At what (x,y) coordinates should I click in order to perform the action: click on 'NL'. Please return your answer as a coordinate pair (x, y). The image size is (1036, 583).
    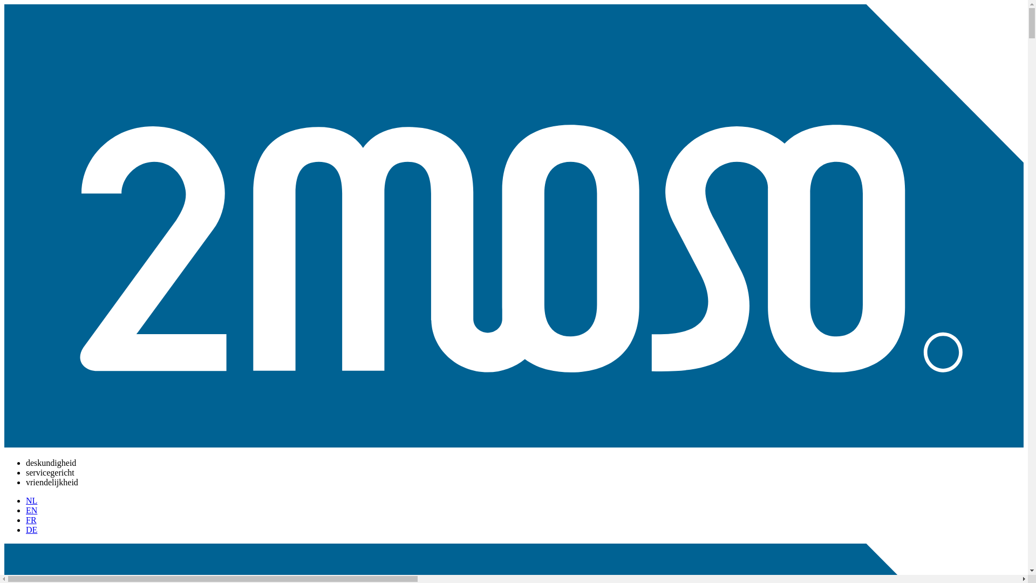
    Looking at the image, I should click on (31, 500).